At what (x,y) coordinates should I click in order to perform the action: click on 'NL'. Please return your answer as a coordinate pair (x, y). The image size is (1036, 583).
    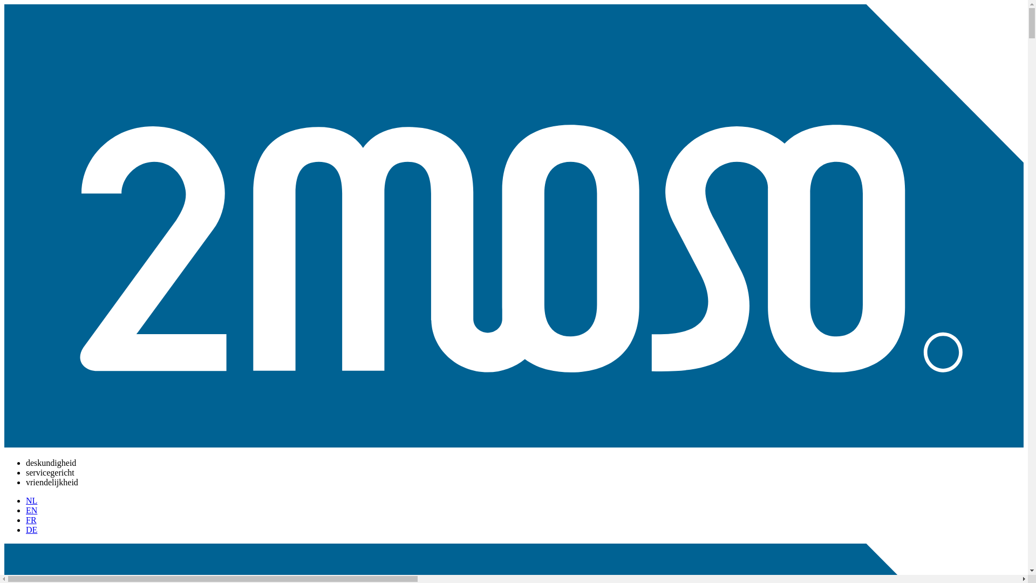
    Looking at the image, I should click on (31, 500).